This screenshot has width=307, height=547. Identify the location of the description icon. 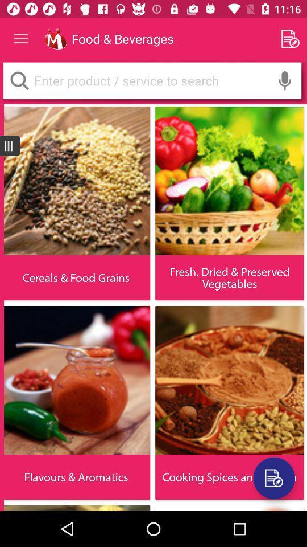
(273, 478).